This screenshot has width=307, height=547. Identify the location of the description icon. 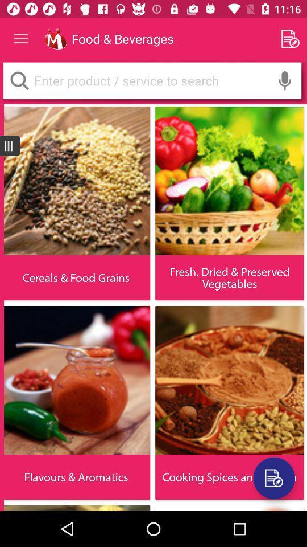
(273, 478).